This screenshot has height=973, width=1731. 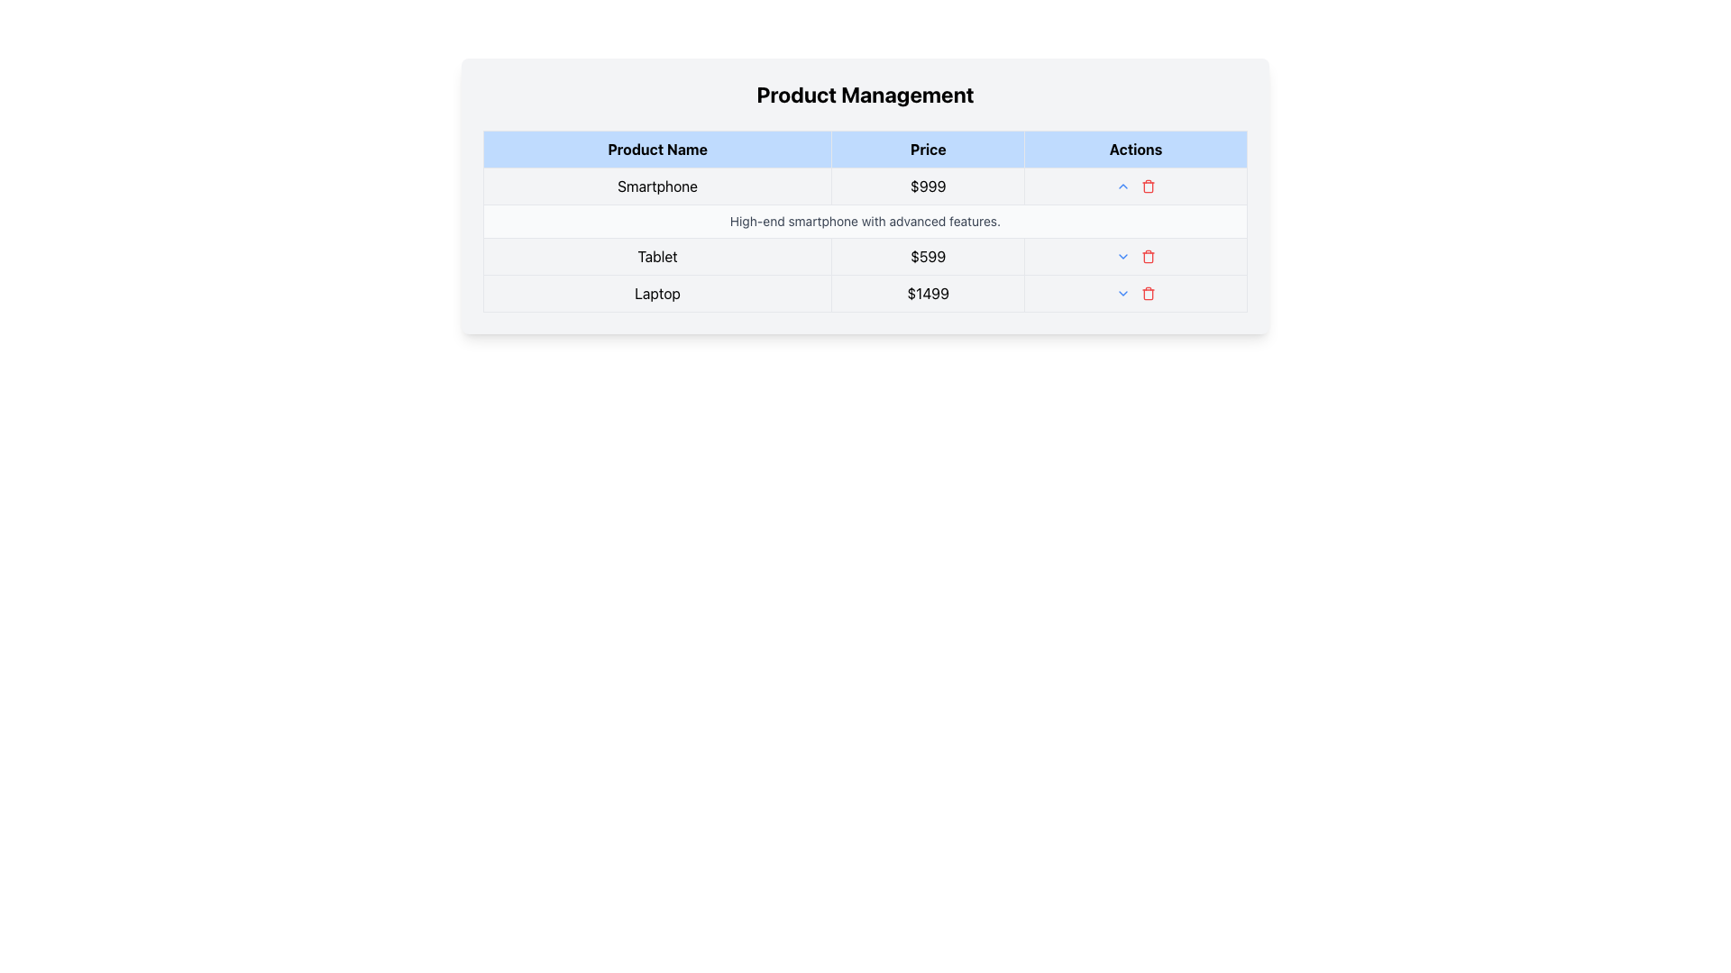 What do you see at coordinates (1122, 257) in the screenshot?
I see `the icon button in the 'Actions' column of the second row` at bounding box center [1122, 257].